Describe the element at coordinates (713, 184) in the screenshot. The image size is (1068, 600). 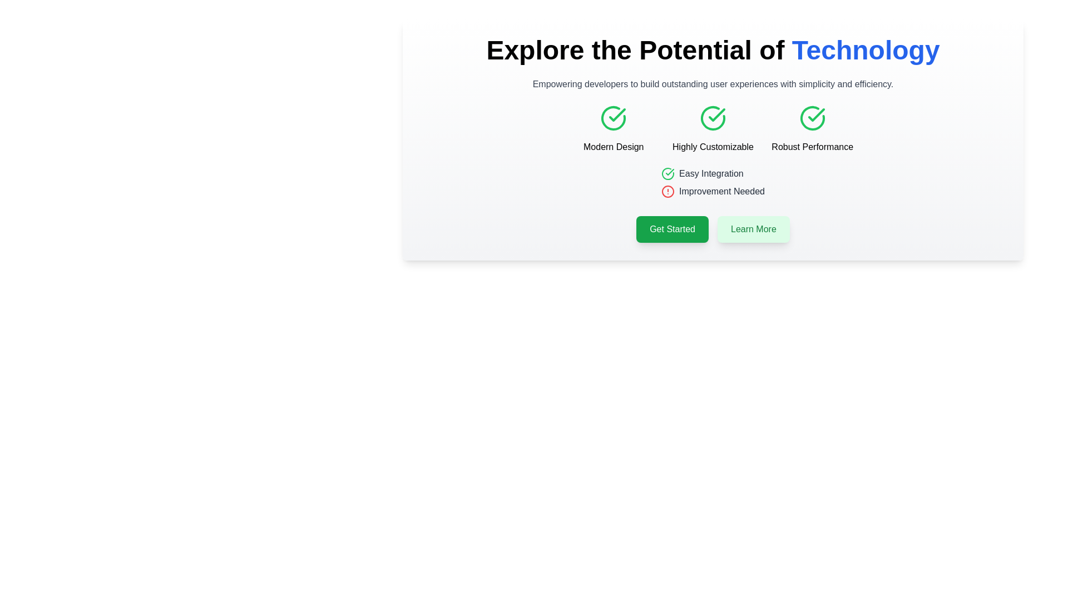
I see `the Informational Group containing 'Easy Integration' with a green checkmark and 'Improvement Needed' with a red exclamation icon, positioned below 'Highly Customizable' and above 'Get Started' and 'Learn More' buttons` at that location.